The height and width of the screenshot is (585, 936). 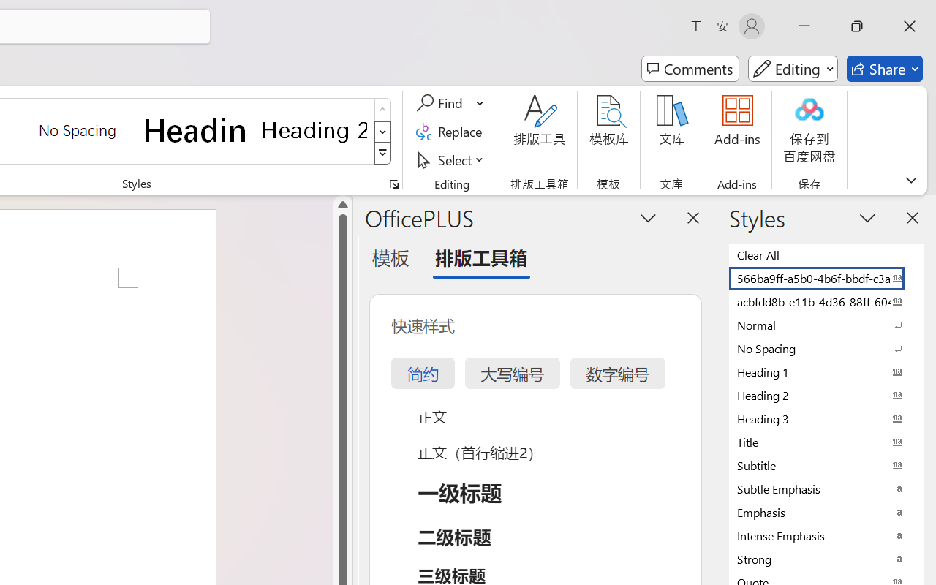 What do you see at coordinates (826, 559) in the screenshot?
I see `'Strong'` at bounding box center [826, 559].